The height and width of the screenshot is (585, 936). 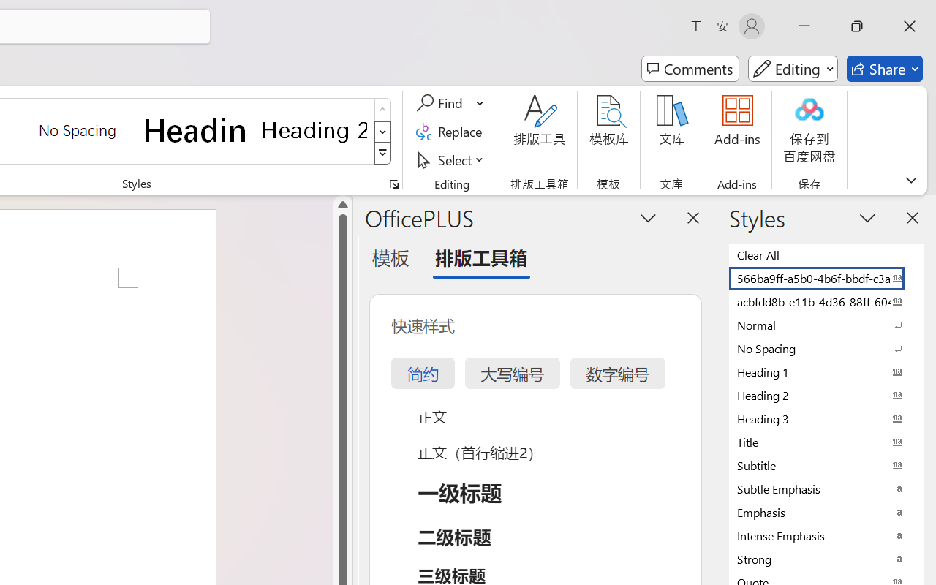 What do you see at coordinates (826, 559) in the screenshot?
I see `'Strong'` at bounding box center [826, 559].